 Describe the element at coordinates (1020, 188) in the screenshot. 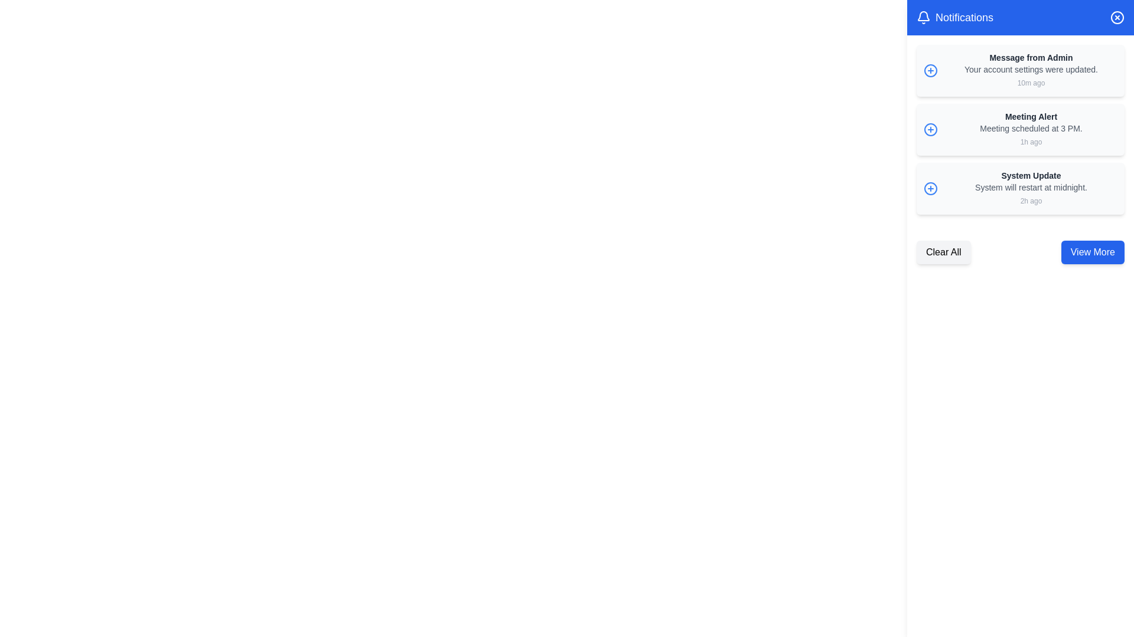

I see `the notification card with a light gray background that contains the title 'System Update' and the description 'System will restart at midnight.'` at that location.